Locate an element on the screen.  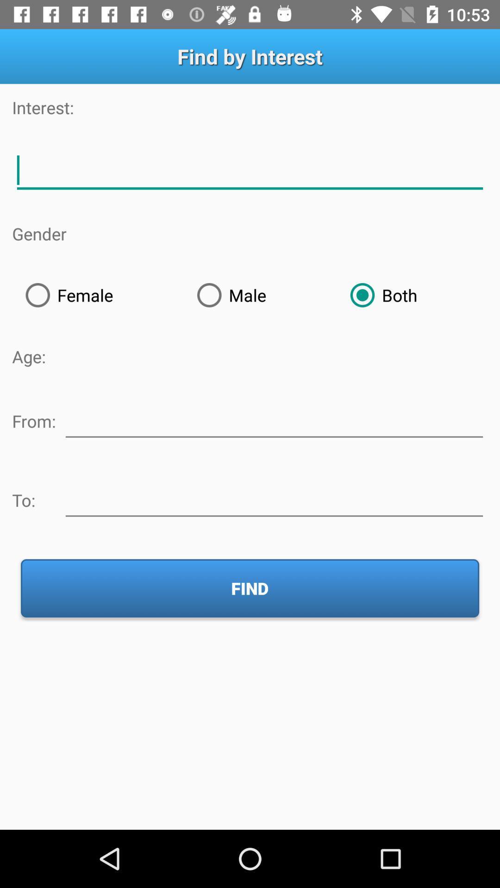
radio button next to the male radio button is located at coordinates (98, 295).